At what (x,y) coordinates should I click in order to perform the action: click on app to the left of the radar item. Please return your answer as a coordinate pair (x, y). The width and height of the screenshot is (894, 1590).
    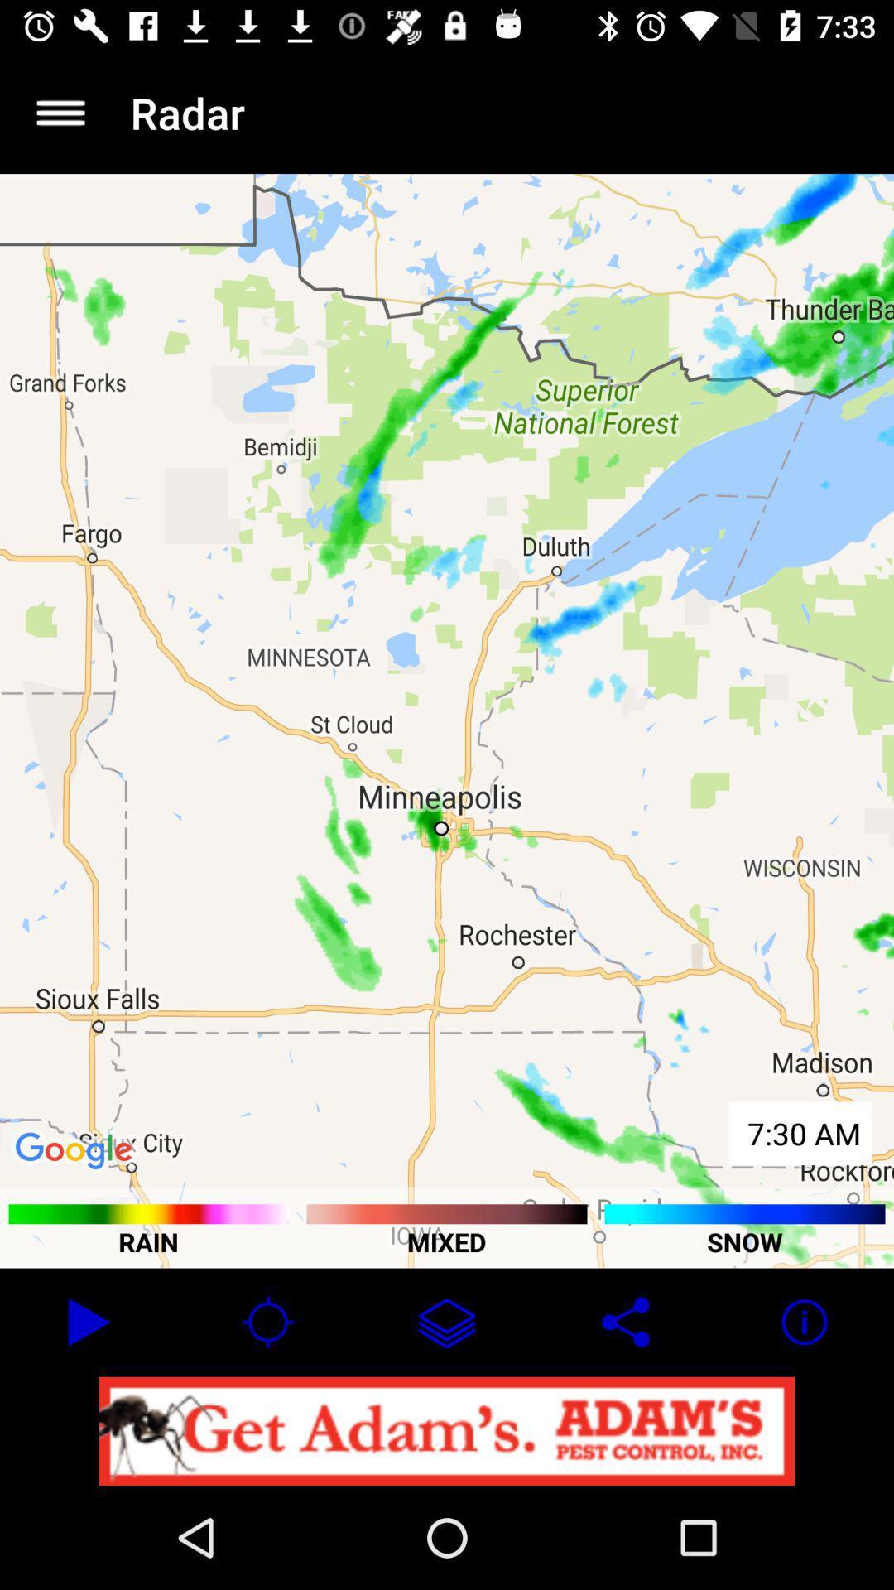
    Looking at the image, I should click on (60, 112).